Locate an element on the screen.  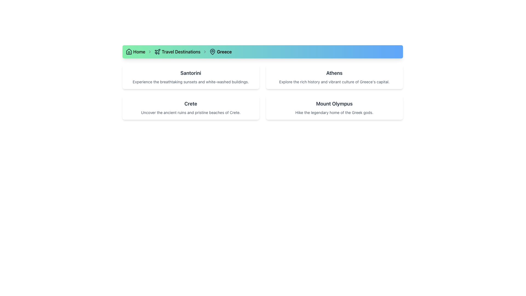
the Breadcrumb Navigation Bar, which serves as a breadcrumb navigation tool for users to understand their location within a hierarchical structure is located at coordinates (262, 52).